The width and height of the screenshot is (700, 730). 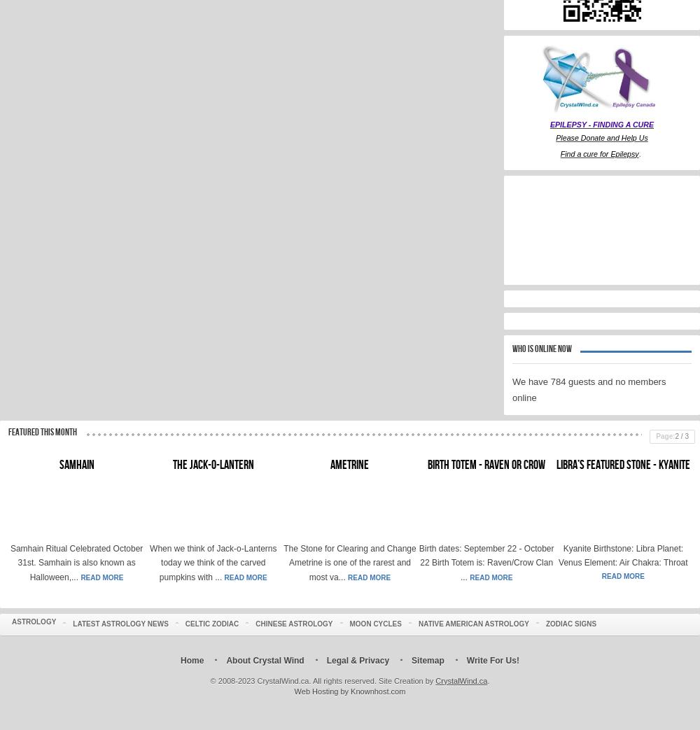 What do you see at coordinates (34, 621) in the screenshot?
I see `'Astrology'` at bounding box center [34, 621].